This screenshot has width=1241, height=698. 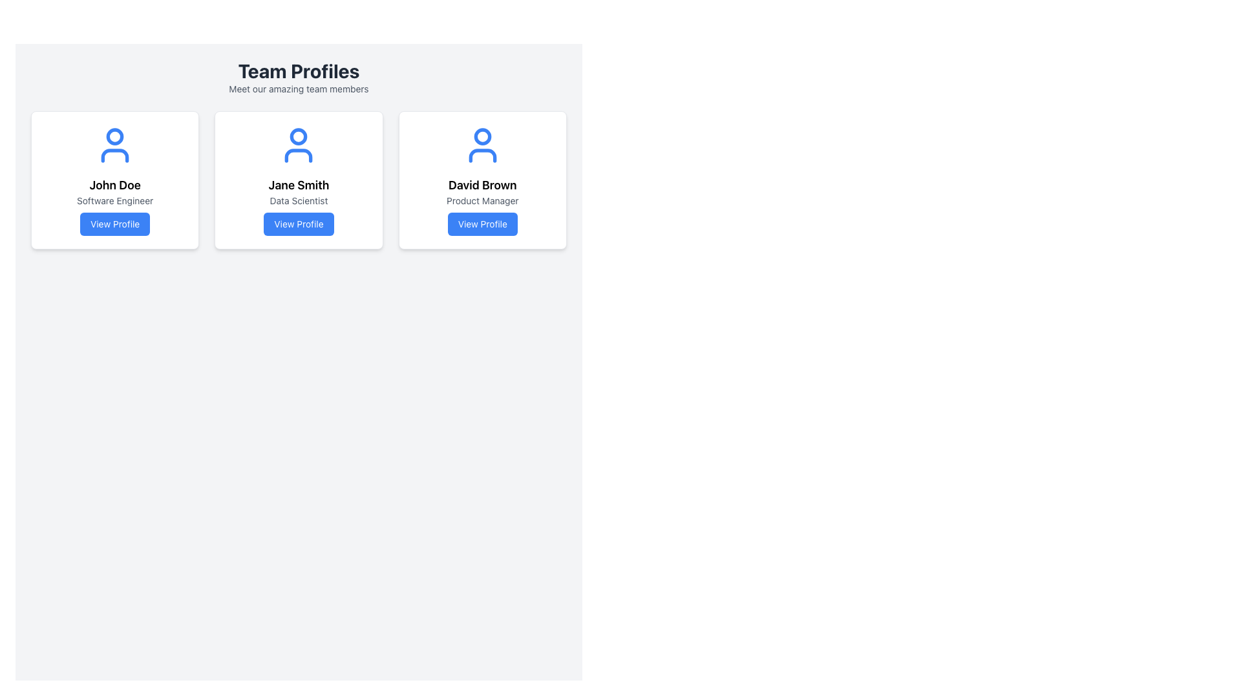 I want to click on the small circular graphical icon component located in the center of the head outline of the user icon for John Doe in the 'Team Profiles' section, so click(x=115, y=136).